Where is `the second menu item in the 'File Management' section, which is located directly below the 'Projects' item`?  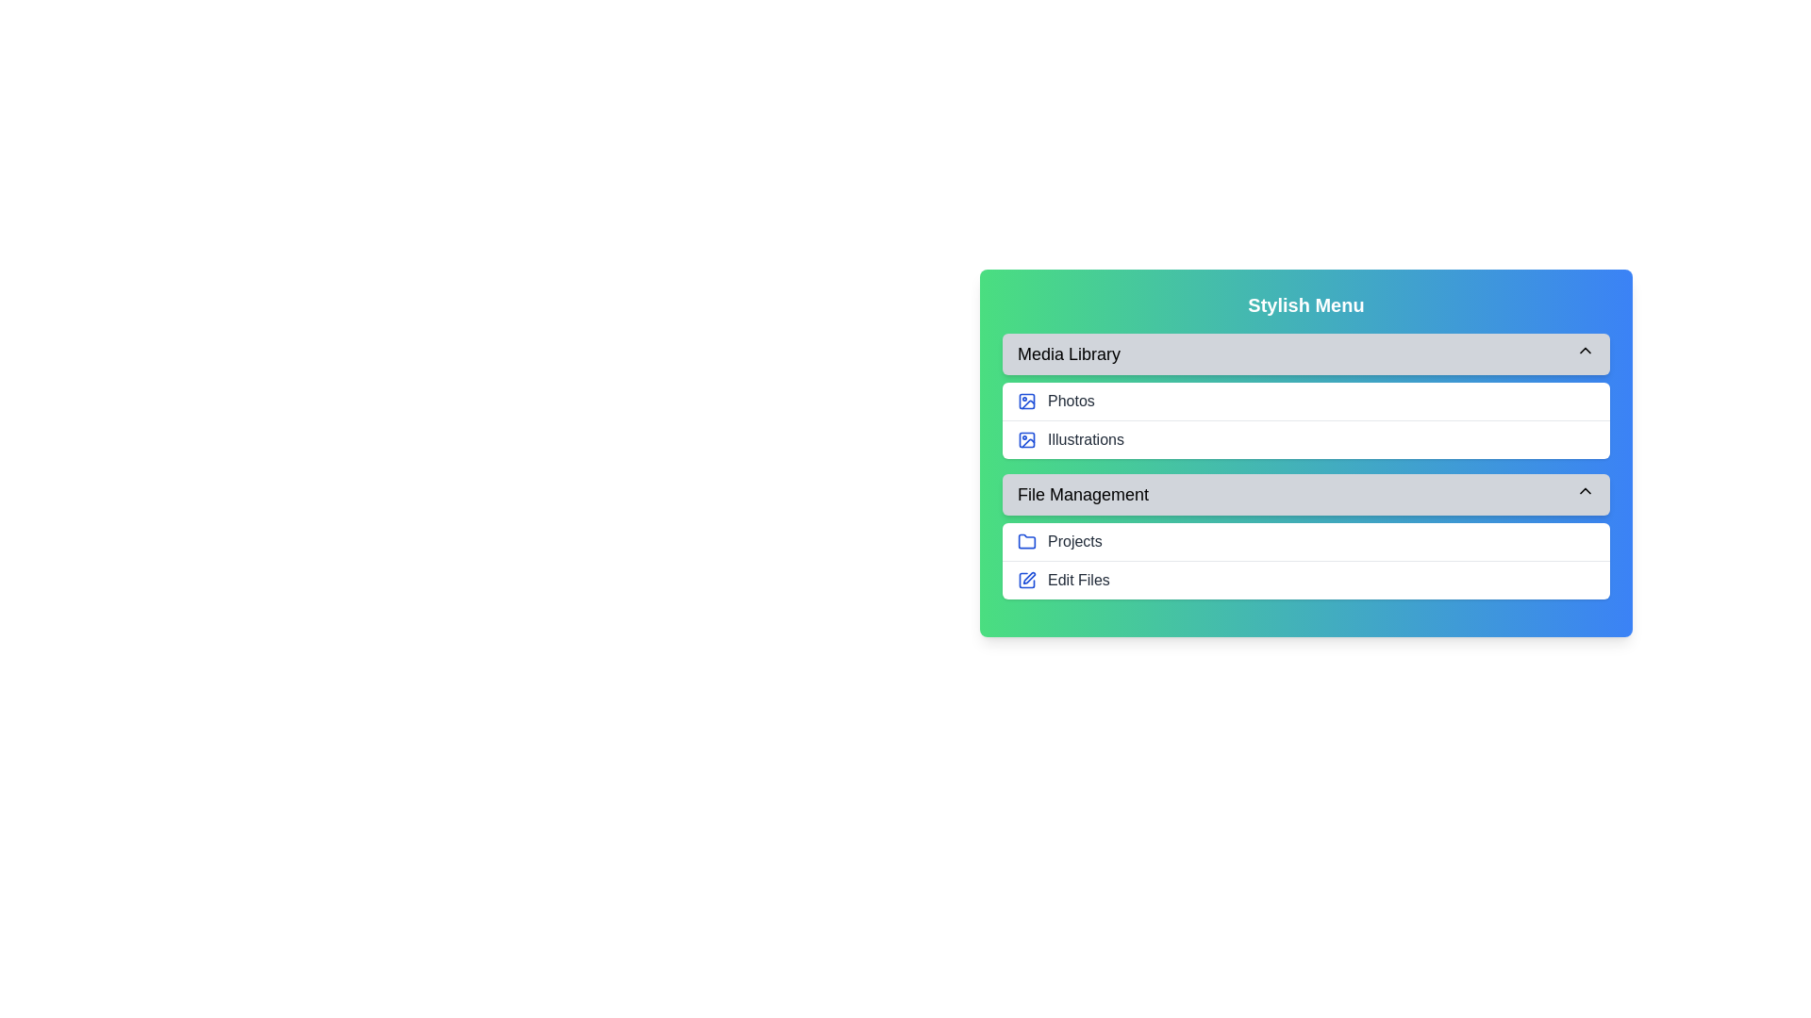 the second menu item in the 'File Management' section, which is located directly below the 'Projects' item is located at coordinates (1305, 578).